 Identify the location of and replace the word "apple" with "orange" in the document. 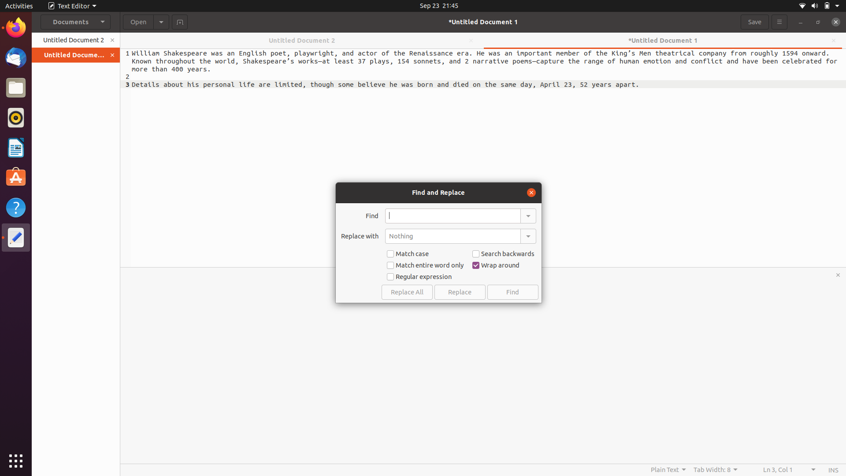
(453, 216).